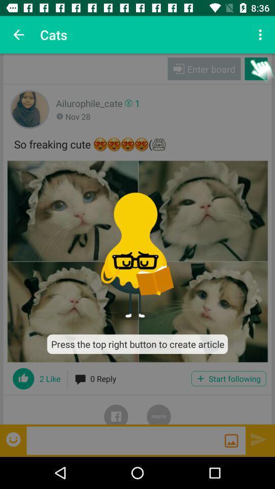  What do you see at coordinates (231, 440) in the screenshot?
I see `open image gallery` at bounding box center [231, 440].